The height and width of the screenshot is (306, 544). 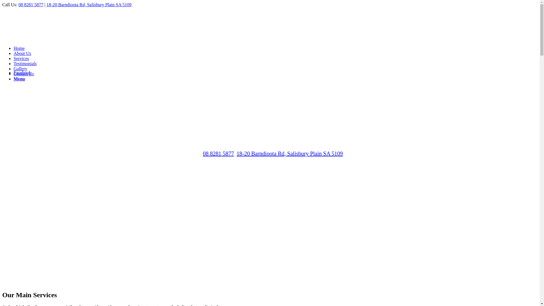 I want to click on 'Home', so click(x=14, y=48).